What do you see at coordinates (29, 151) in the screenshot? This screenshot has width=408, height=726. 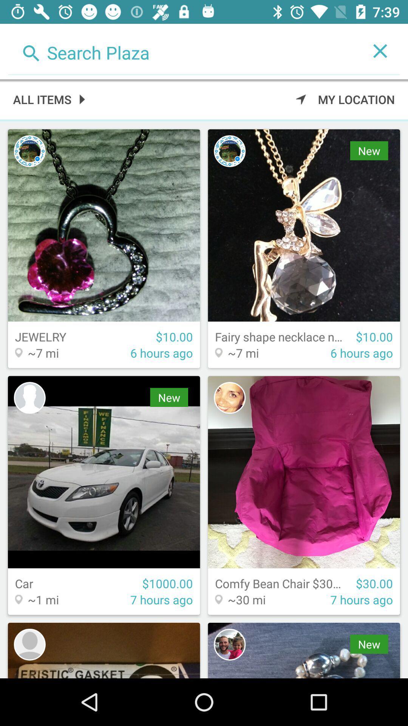 I see `contact pic` at bounding box center [29, 151].